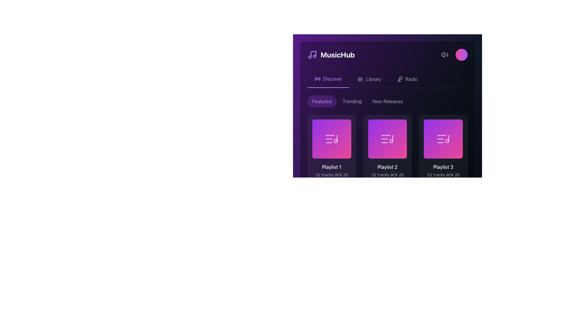 The image size is (577, 325). I want to click on the first clickable button in the top-right section of the interface, so click(444, 54).